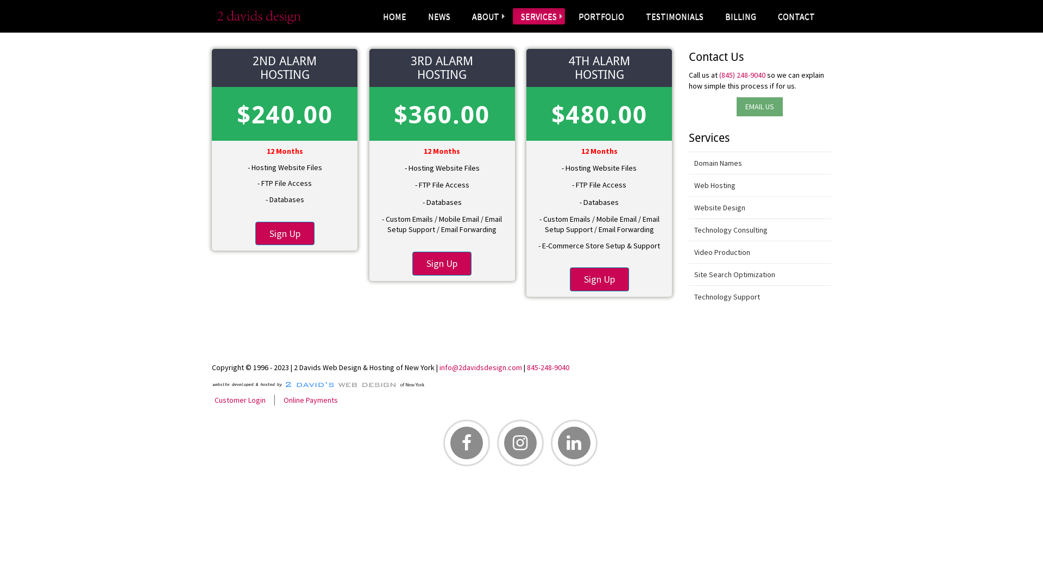  I want to click on 'info@2davidsdesign.com', so click(480, 367).